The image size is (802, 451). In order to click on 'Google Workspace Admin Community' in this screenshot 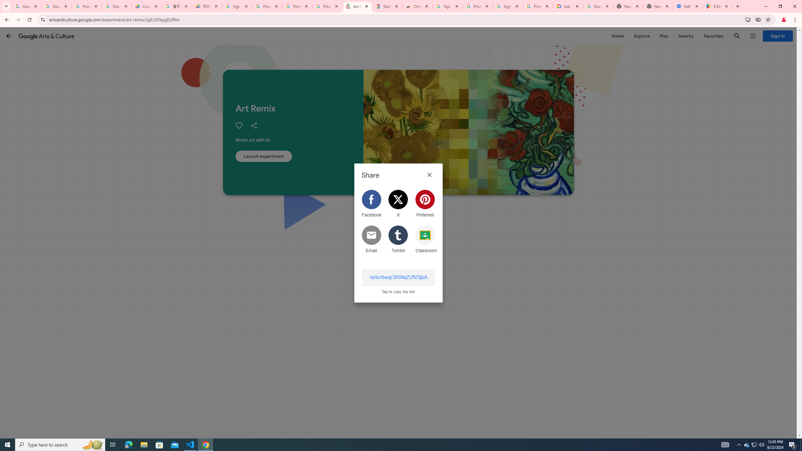, I will do `click(26, 6)`.